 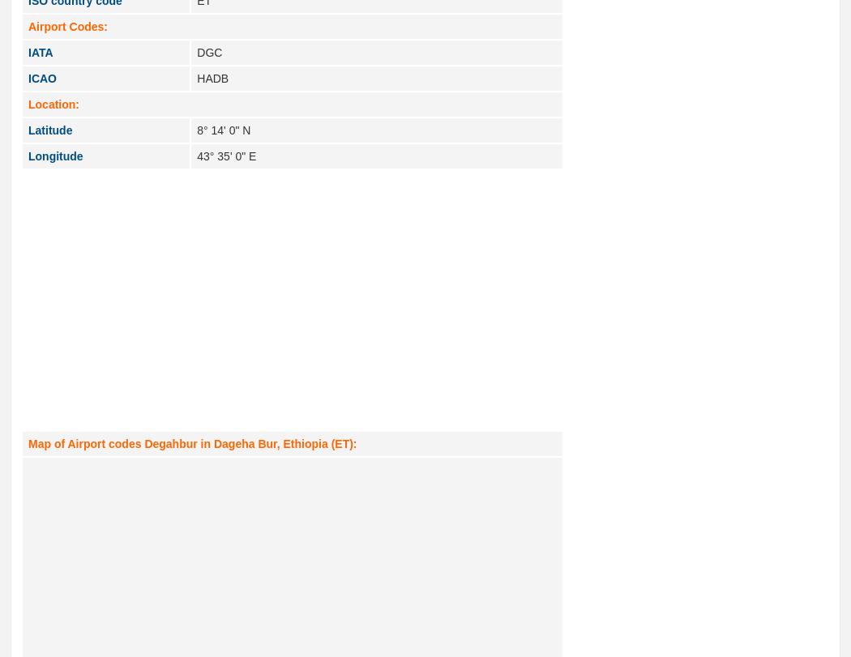 I want to click on 'Airport Codes:', so click(x=28, y=27).